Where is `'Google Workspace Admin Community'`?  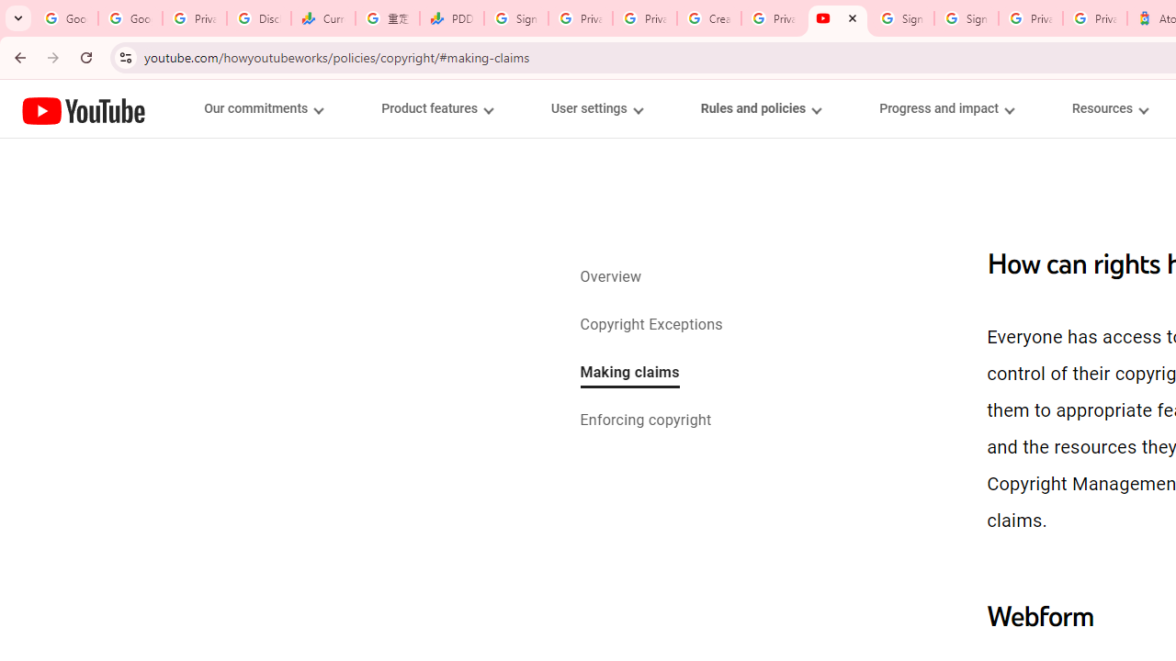
'Google Workspace Admin Community' is located at coordinates (66, 18).